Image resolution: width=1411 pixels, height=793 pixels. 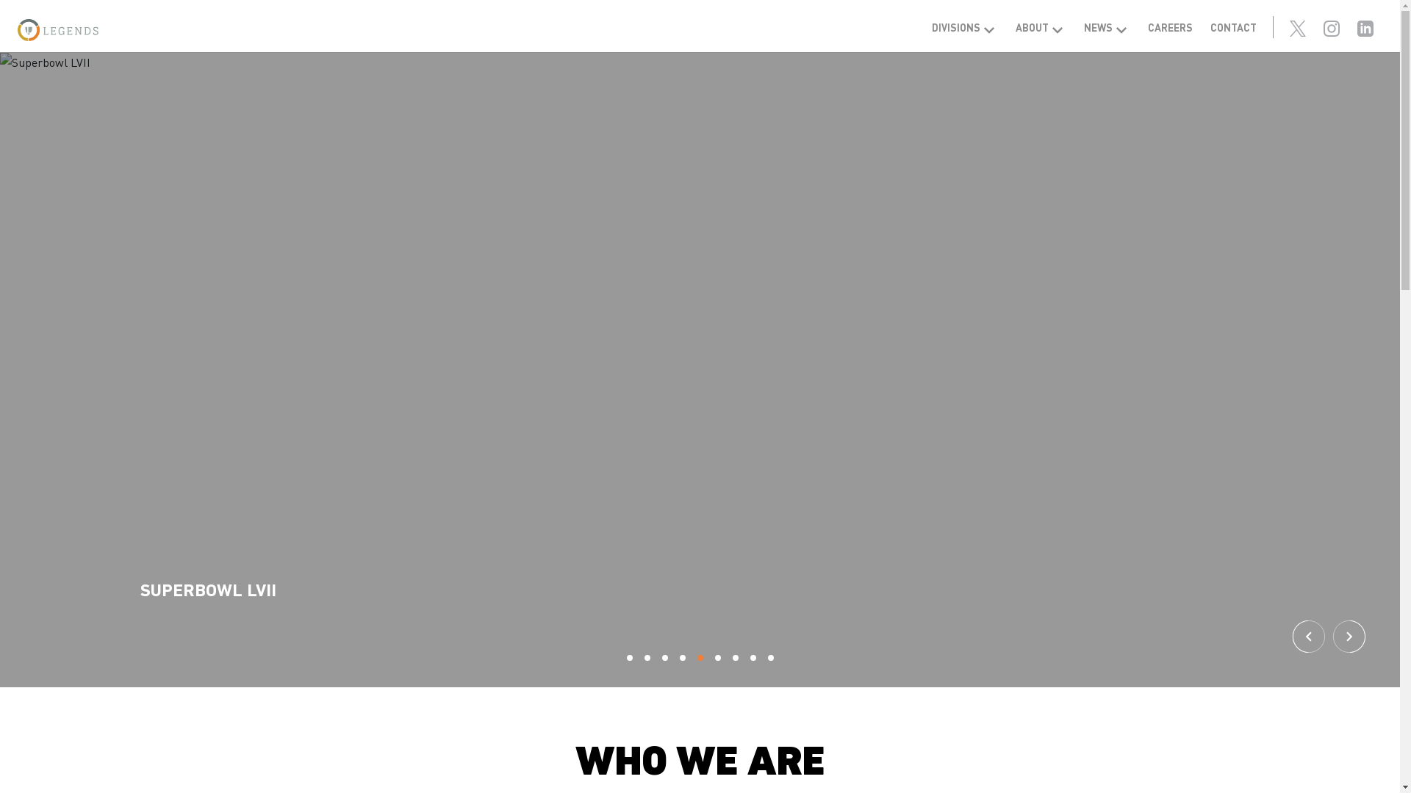 I want to click on 'Previous', so click(x=1308, y=636).